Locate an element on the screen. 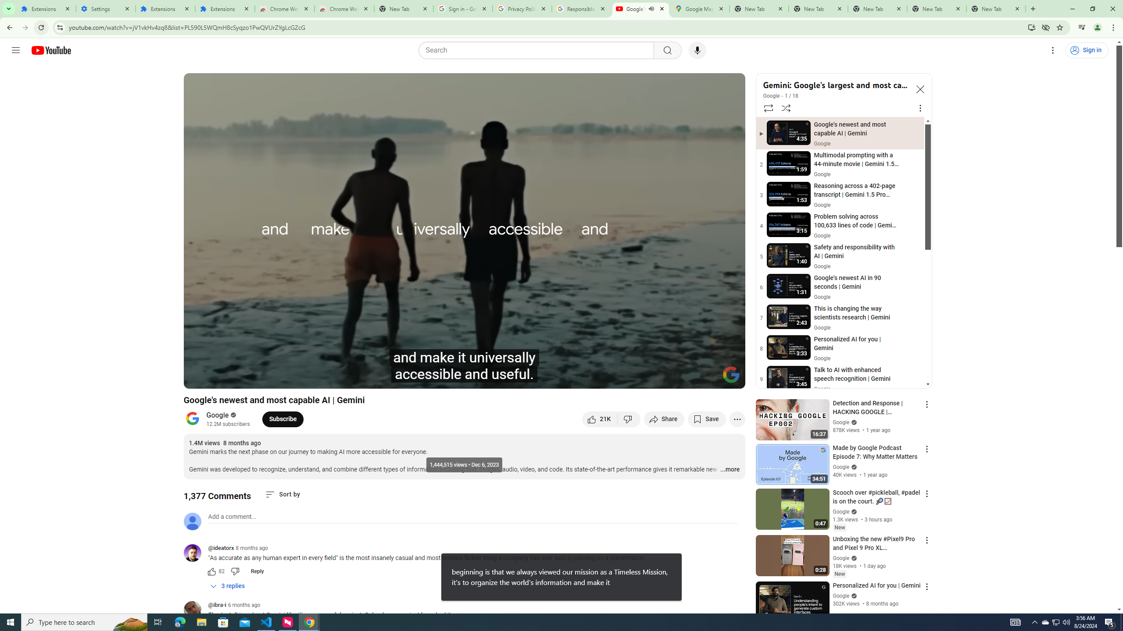 The width and height of the screenshot is (1123, 631). 'Sort comments' is located at coordinates (283, 494).